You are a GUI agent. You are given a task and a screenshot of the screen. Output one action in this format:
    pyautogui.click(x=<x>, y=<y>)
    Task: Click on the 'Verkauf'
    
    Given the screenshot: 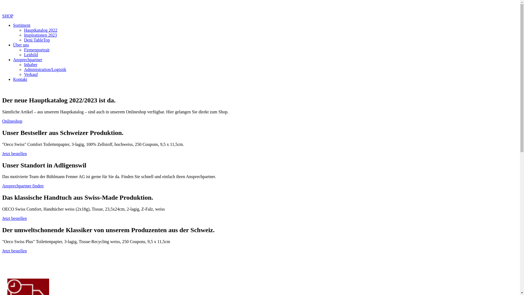 What is the action you would take?
    pyautogui.click(x=23, y=74)
    